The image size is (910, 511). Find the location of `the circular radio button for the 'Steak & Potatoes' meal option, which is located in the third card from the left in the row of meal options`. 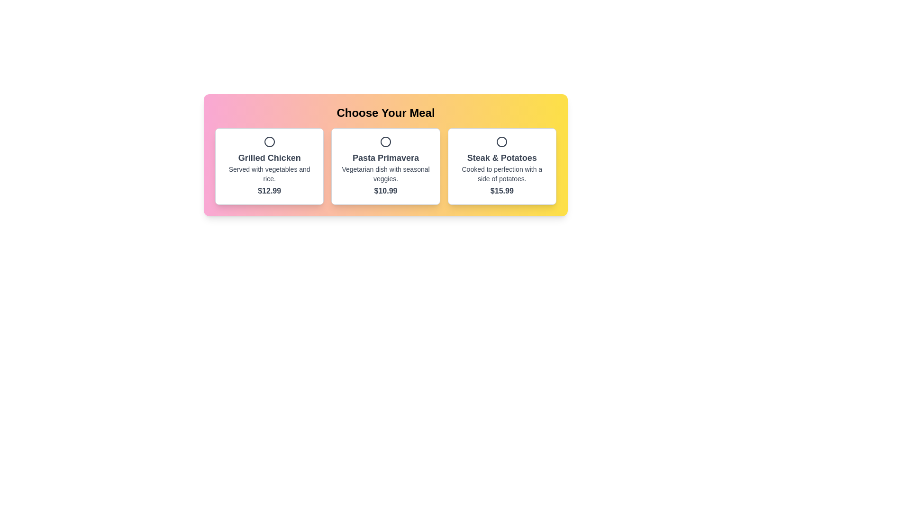

the circular radio button for the 'Steak & Potatoes' meal option, which is located in the third card from the left in the row of meal options is located at coordinates (501, 142).